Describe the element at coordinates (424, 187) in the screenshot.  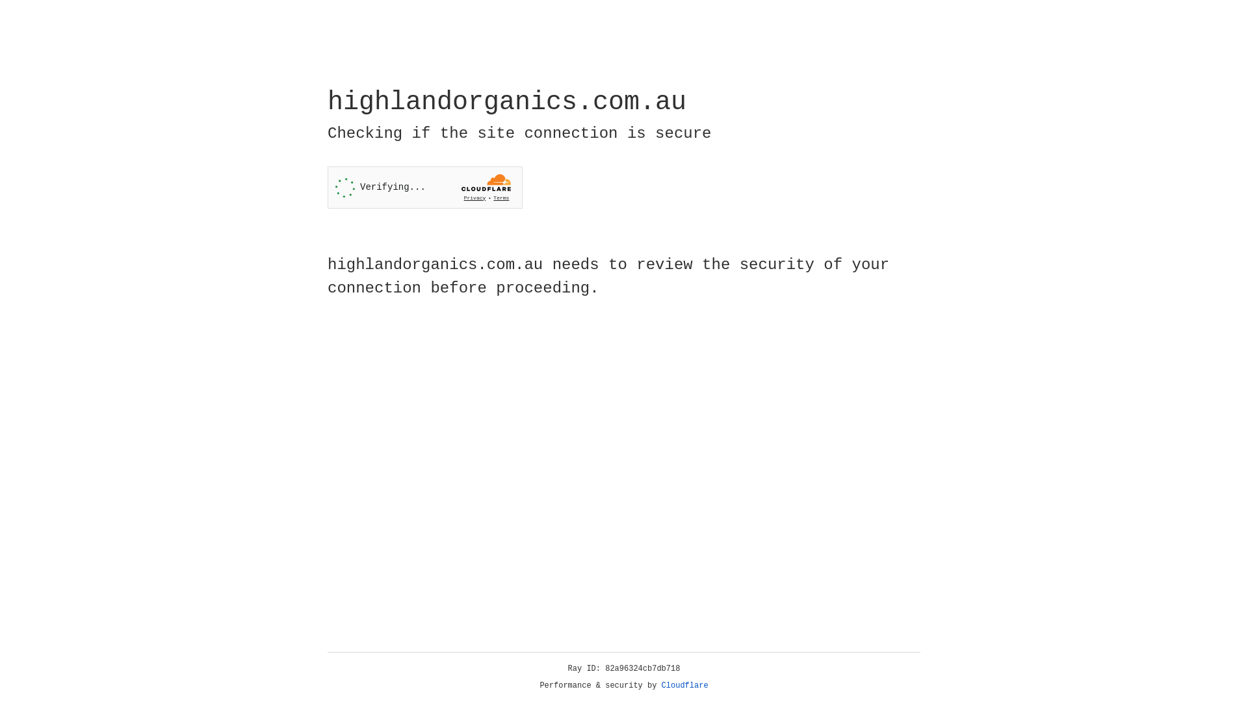
I see `'Widget containing a Cloudflare security challenge'` at that location.